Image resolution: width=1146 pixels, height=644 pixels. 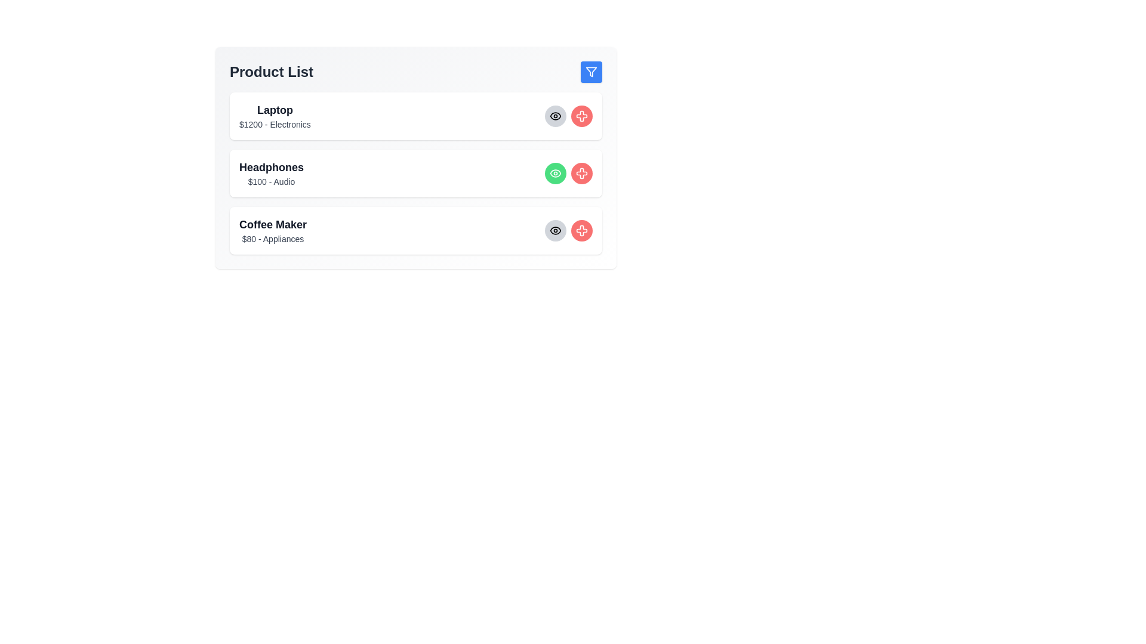 I want to click on the filter button to apply filters, so click(x=591, y=72).